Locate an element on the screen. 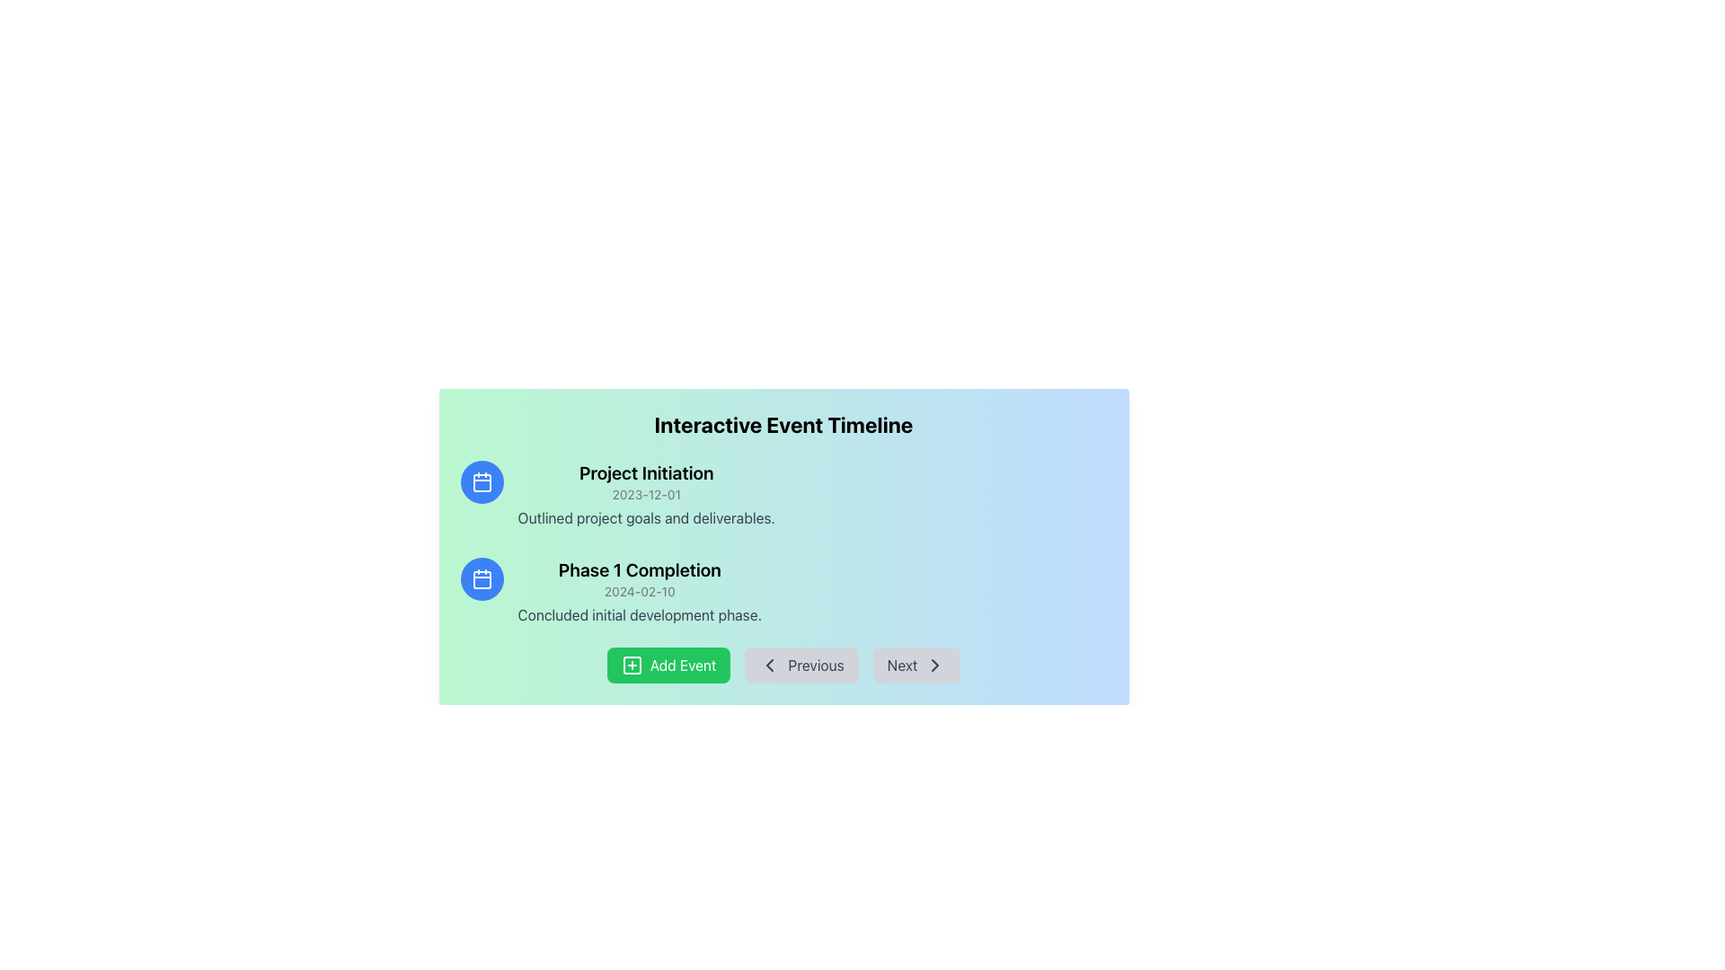  the circular blue button with a white calendar icon located to the left of the text 'Phase 1 Completion' in the timeline interface is located at coordinates (482, 578).